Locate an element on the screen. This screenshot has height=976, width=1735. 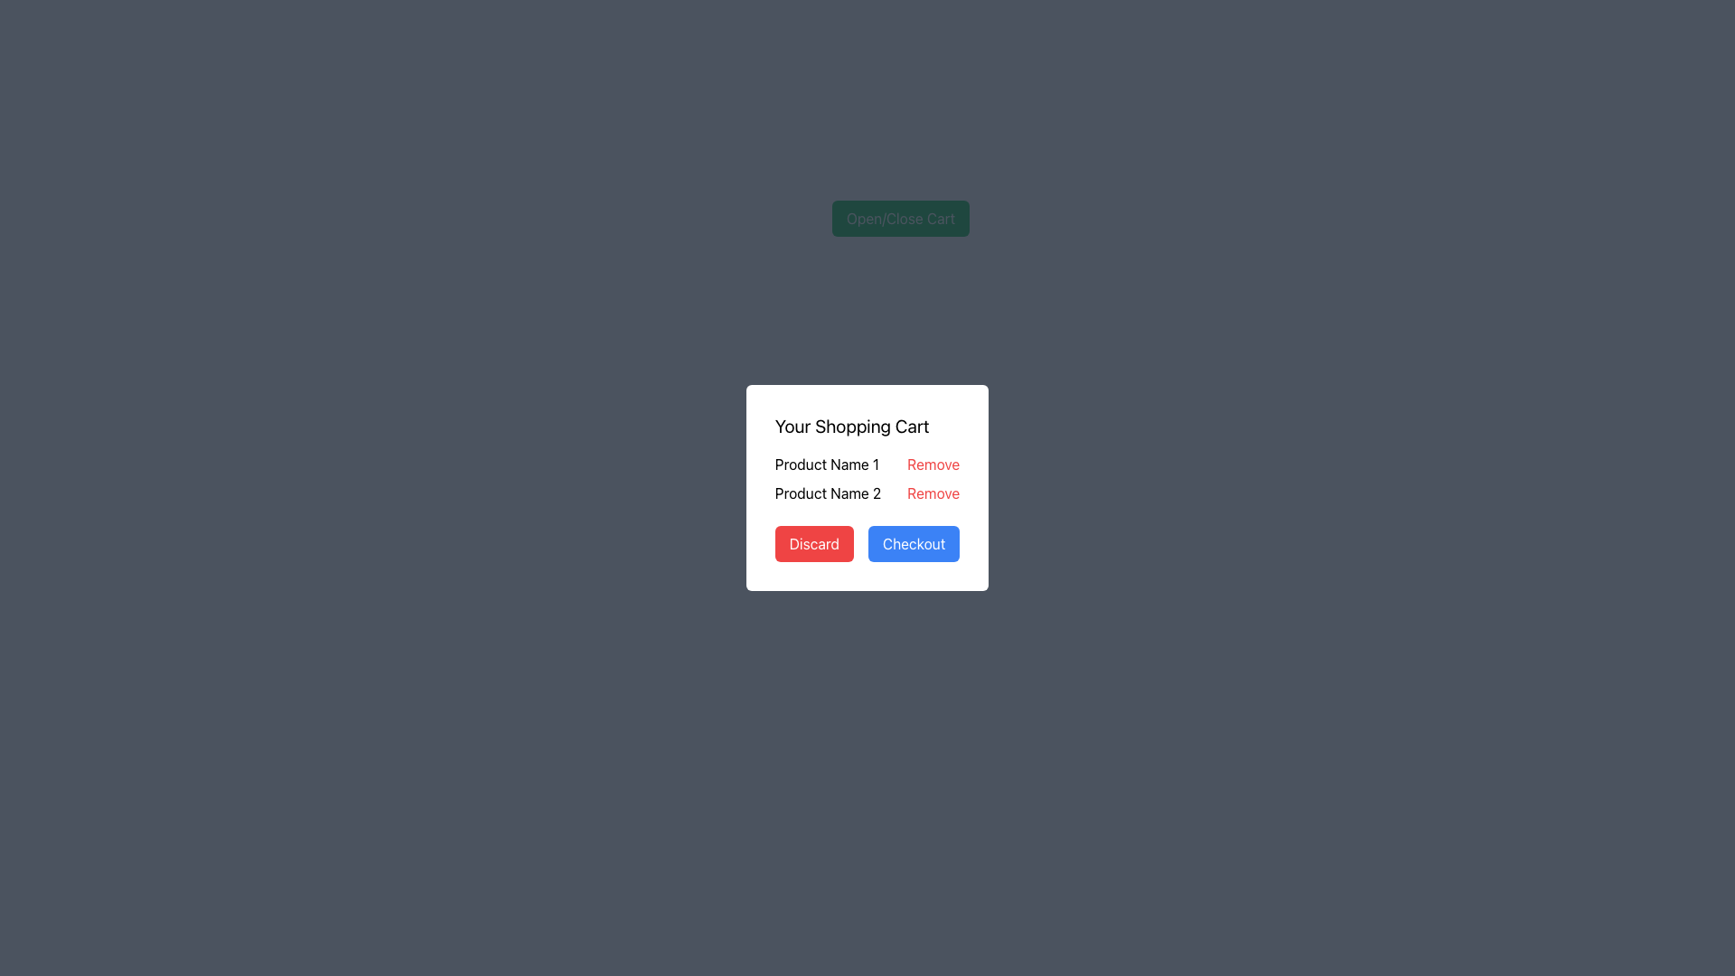
the green button with rounded corners labeled 'Open/Close Cart' is located at coordinates (901, 218).